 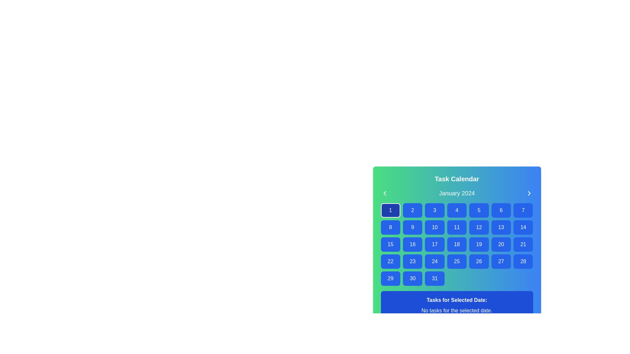 What do you see at coordinates (412, 244) in the screenshot?
I see `the button representing the 16th day of January 2024 in the Task Calendar interface` at bounding box center [412, 244].